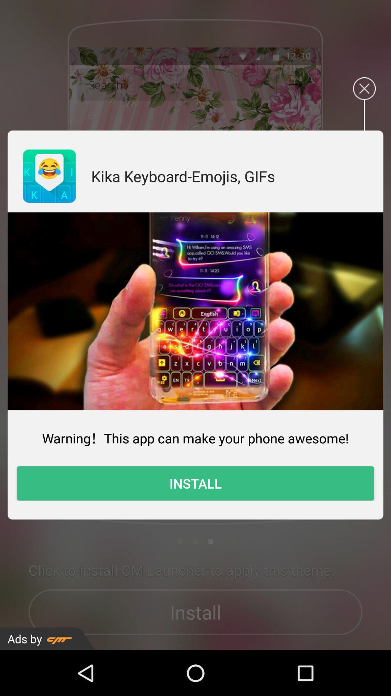 The width and height of the screenshot is (391, 696). I want to click on the app next to kika keyboard emojis app, so click(49, 176).